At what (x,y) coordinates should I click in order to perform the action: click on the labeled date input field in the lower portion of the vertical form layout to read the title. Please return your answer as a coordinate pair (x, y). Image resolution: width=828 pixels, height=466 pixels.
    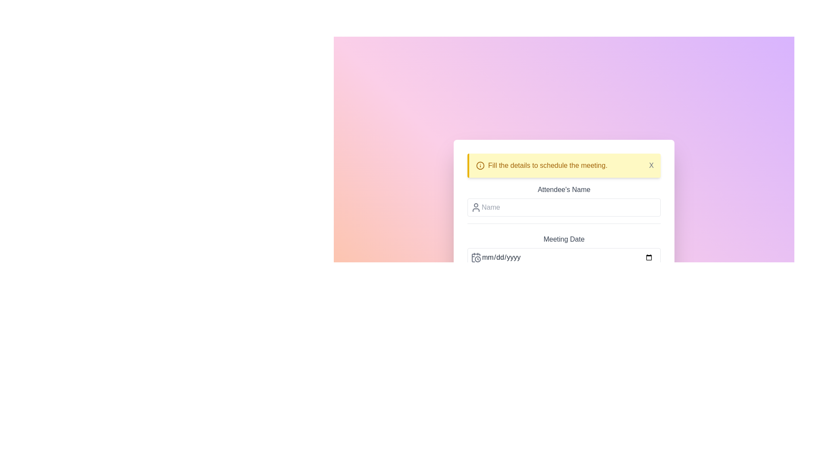
    Looking at the image, I should click on (564, 254).